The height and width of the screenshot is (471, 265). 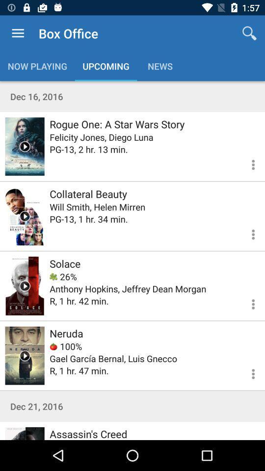 I want to click on trailer, so click(x=25, y=146).